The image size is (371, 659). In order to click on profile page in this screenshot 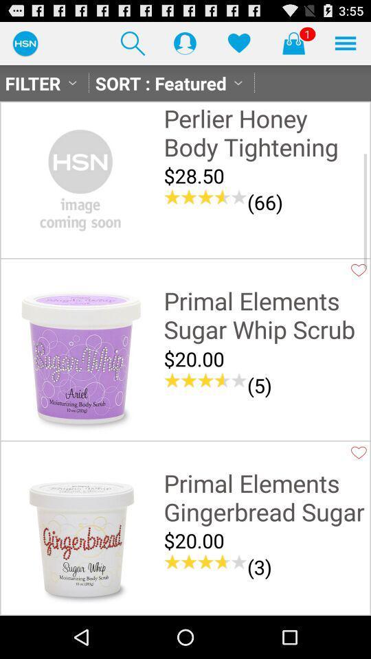, I will do `click(185, 43)`.